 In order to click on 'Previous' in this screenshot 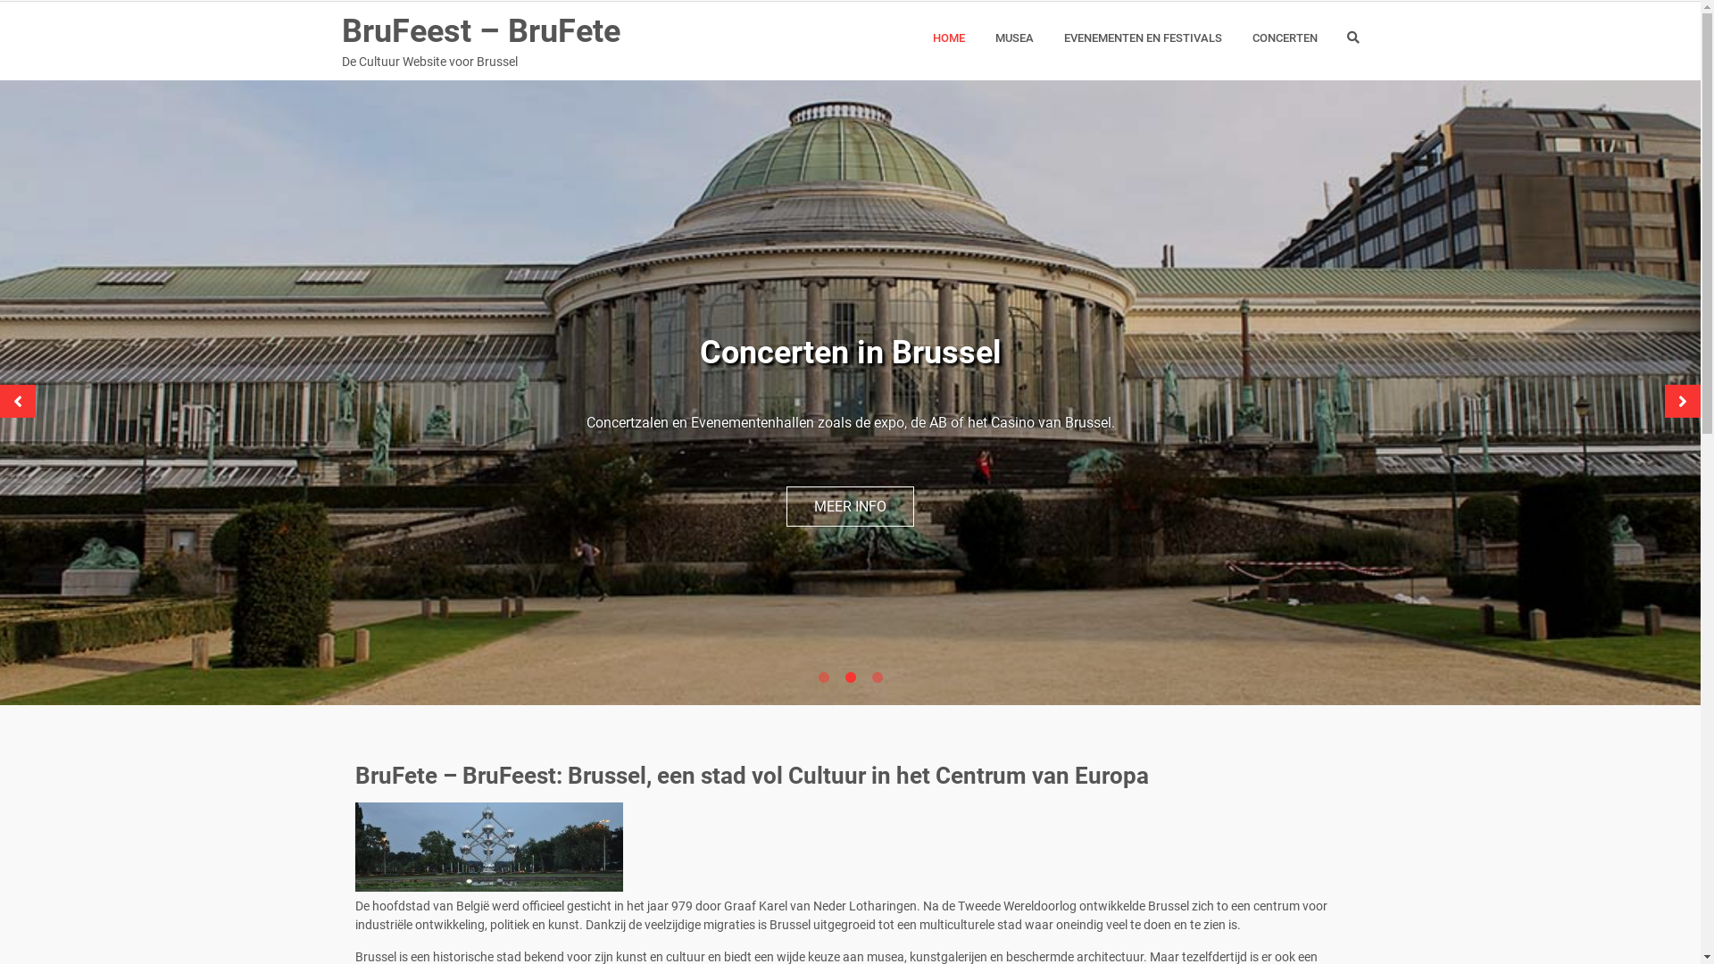, I will do `click(17, 402)`.